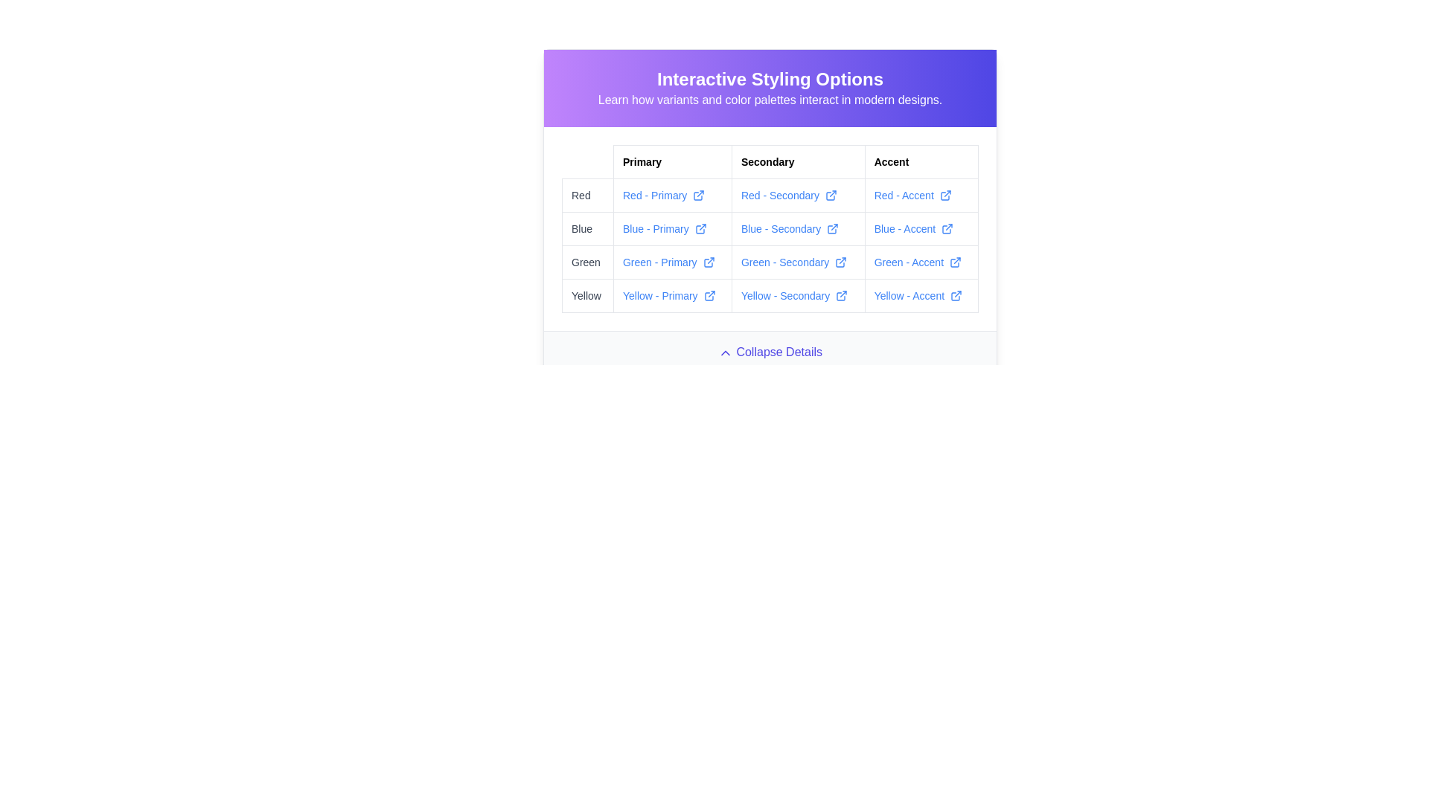 This screenshot has width=1429, height=803. Describe the element at coordinates (668, 295) in the screenshot. I see `the hyperlink labeled 'Yellow - Primary' to underline it, which is located in the fourth row of the table under the first column` at that location.